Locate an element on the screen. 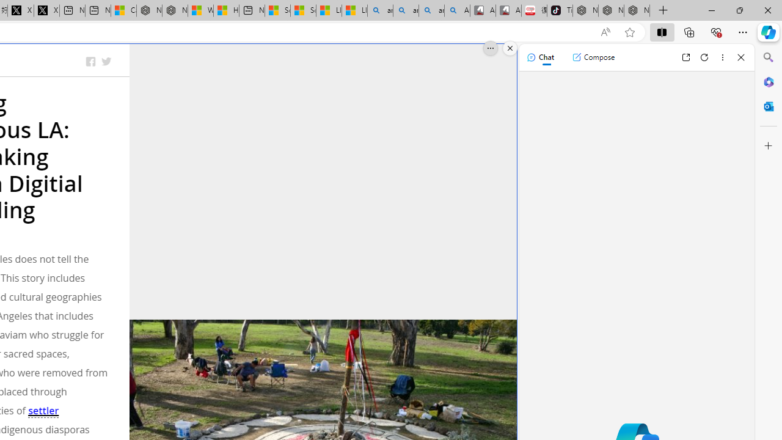 The image size is (782, 440). 'amazon - Search' is located at coordinates (406, 10).